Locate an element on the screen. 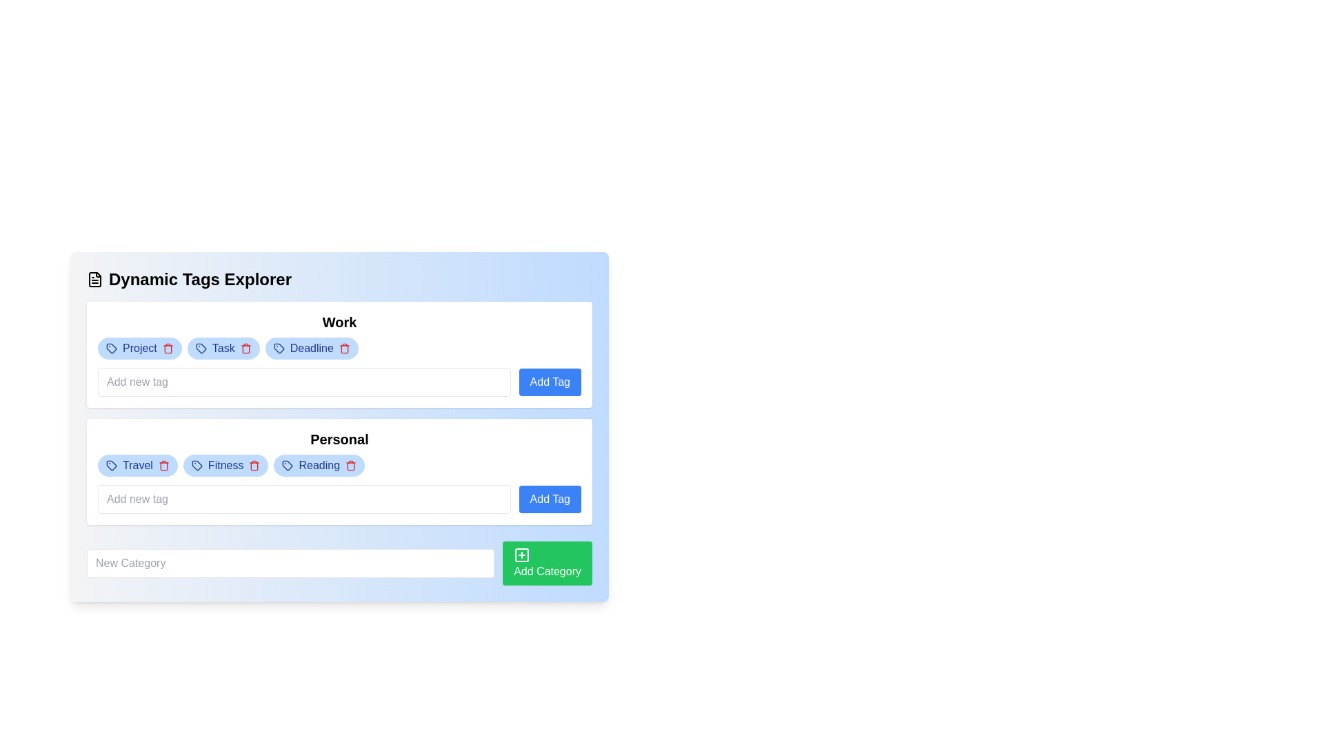  the composite element containing the text input field and button located at the bottom of the 'Dynamic Tags Explorer' section is located at coordinates (339, 563).